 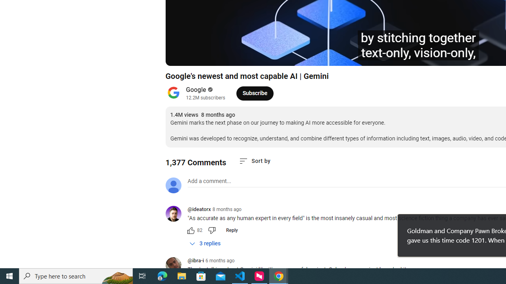 I want to click on '6 months ago', so click(x=220, y=261).